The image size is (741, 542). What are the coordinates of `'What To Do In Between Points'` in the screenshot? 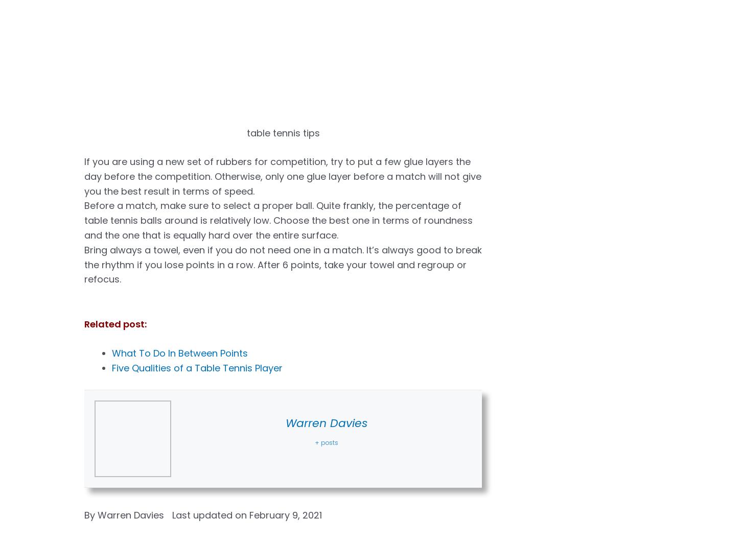 It's located at (180, 352).